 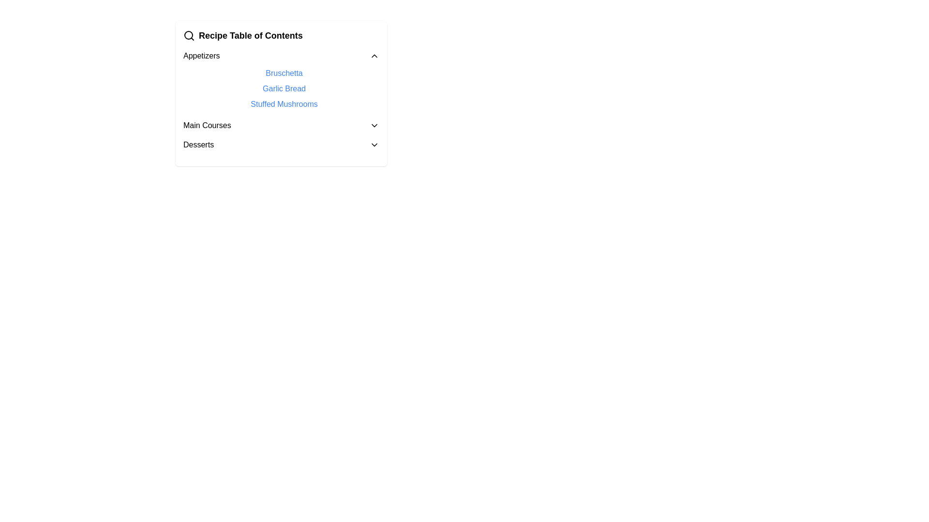 What do you see at coordinates (285, 72) in the screenshot?
I see `the hyperlink for 'Bruschetta' located in the 'Appetizers' section of the Recipe Table of Contents` at bounding box center [285, 72].